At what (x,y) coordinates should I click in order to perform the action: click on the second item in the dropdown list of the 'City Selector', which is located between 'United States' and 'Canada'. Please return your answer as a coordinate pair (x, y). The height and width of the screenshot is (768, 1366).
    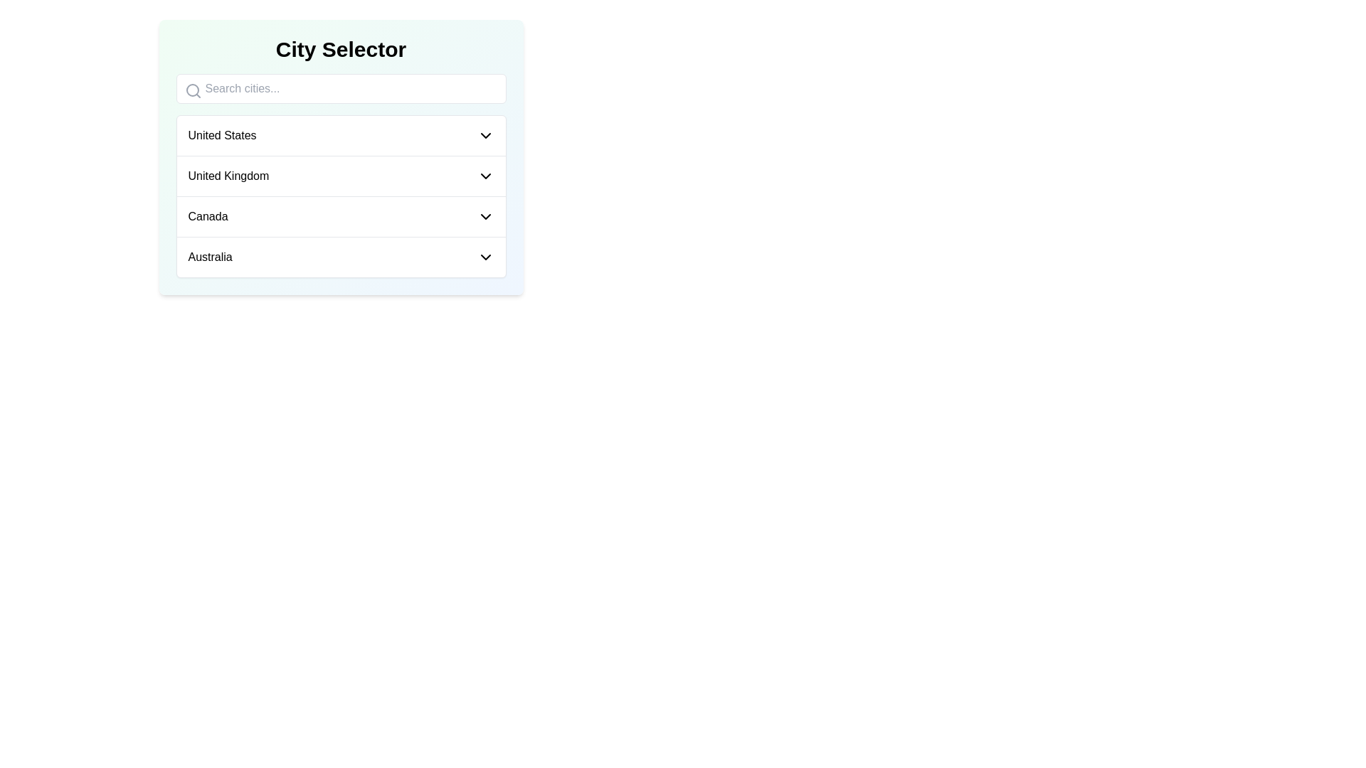
    Looking at the image, I should click on (340, 196).